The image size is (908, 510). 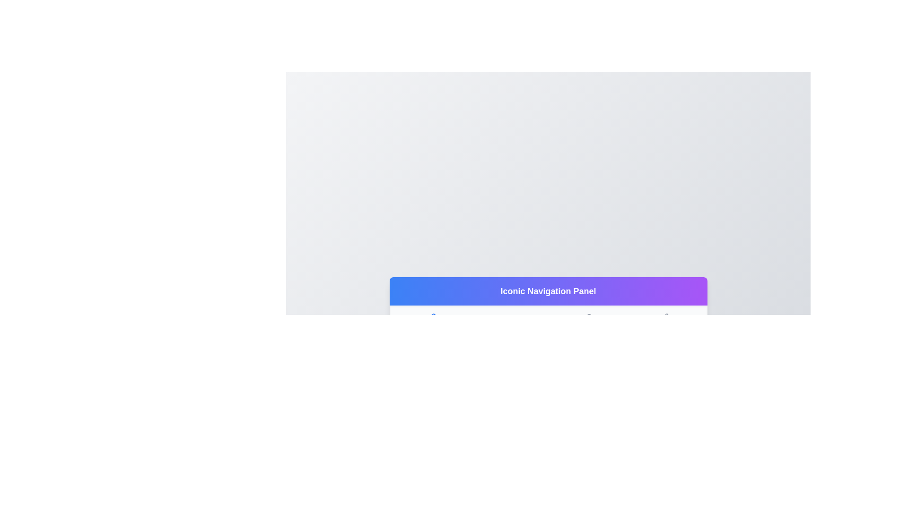 What do you see at coordinates (589, 323) in the screenshot?
I see `the Profile navigation button located in the bottom navigation bar` at bounding box center [589, 323].